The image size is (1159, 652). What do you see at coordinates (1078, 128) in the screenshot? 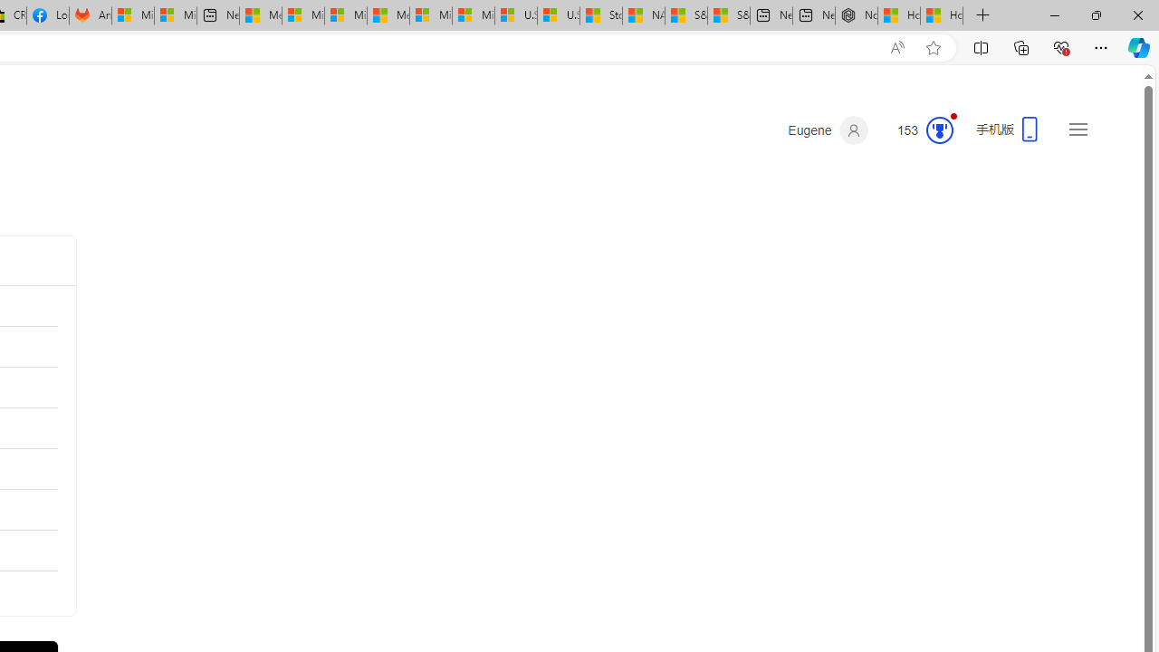
I see `'Settings and quick links'` at bounding box center [1078, 128].